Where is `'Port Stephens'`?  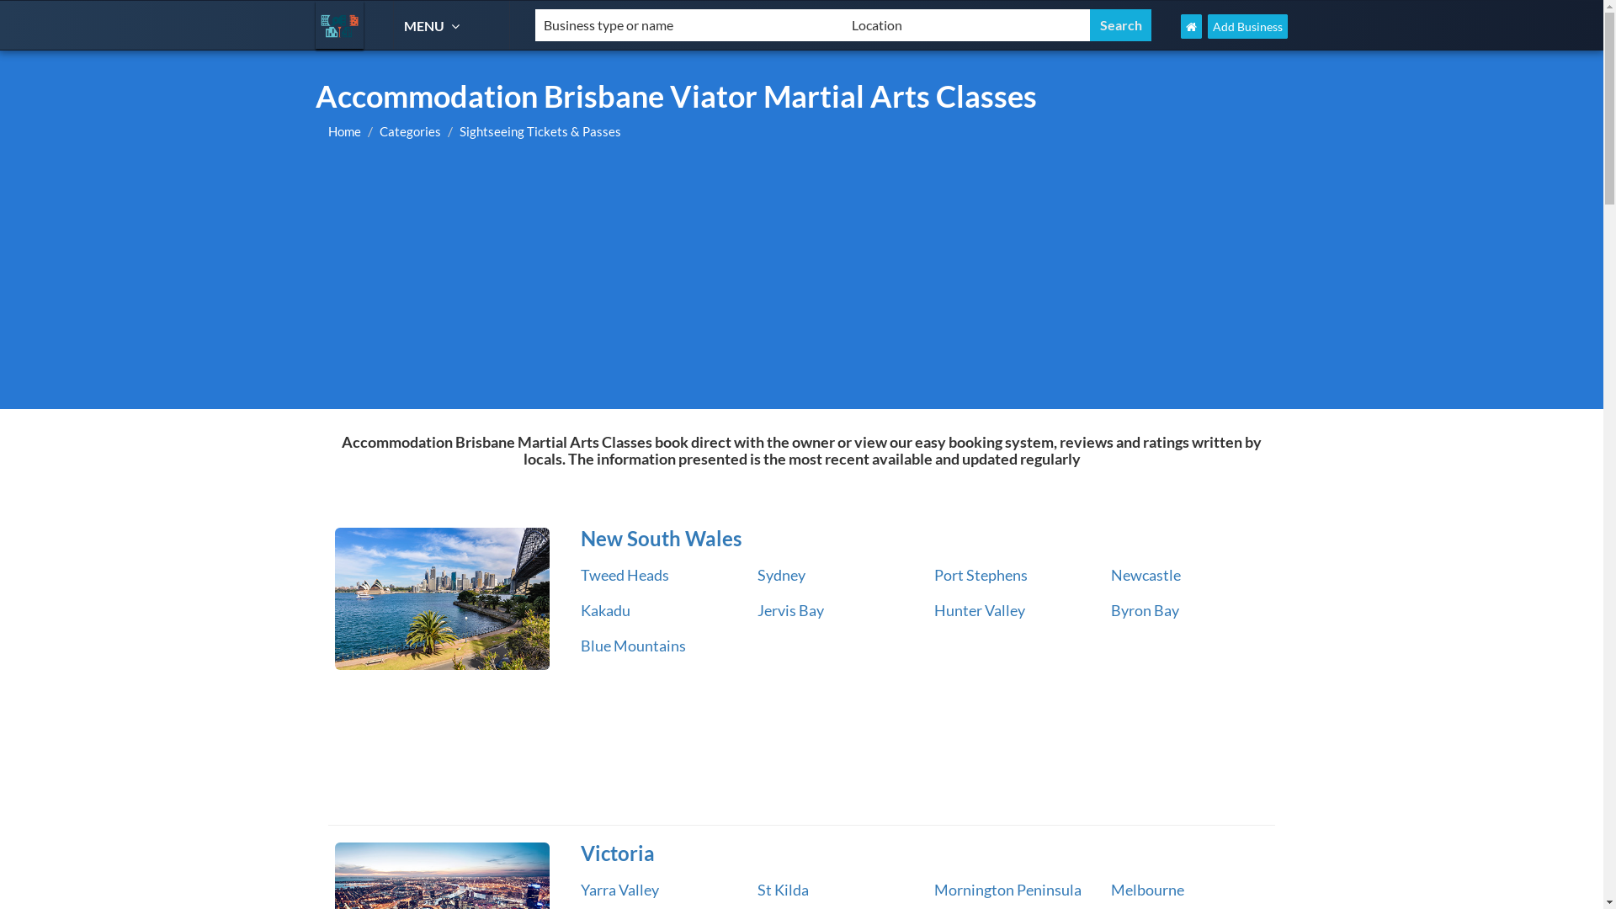 'Port Stephens' is located at coordinates (981, 573).